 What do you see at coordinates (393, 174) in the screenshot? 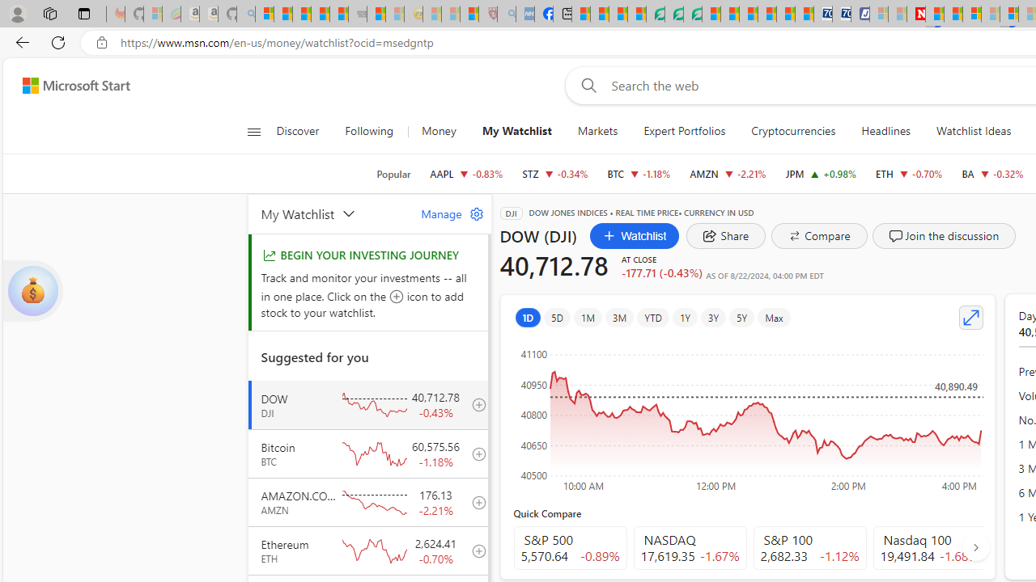
I see `'Popular'` at bounding box center [393, 174].